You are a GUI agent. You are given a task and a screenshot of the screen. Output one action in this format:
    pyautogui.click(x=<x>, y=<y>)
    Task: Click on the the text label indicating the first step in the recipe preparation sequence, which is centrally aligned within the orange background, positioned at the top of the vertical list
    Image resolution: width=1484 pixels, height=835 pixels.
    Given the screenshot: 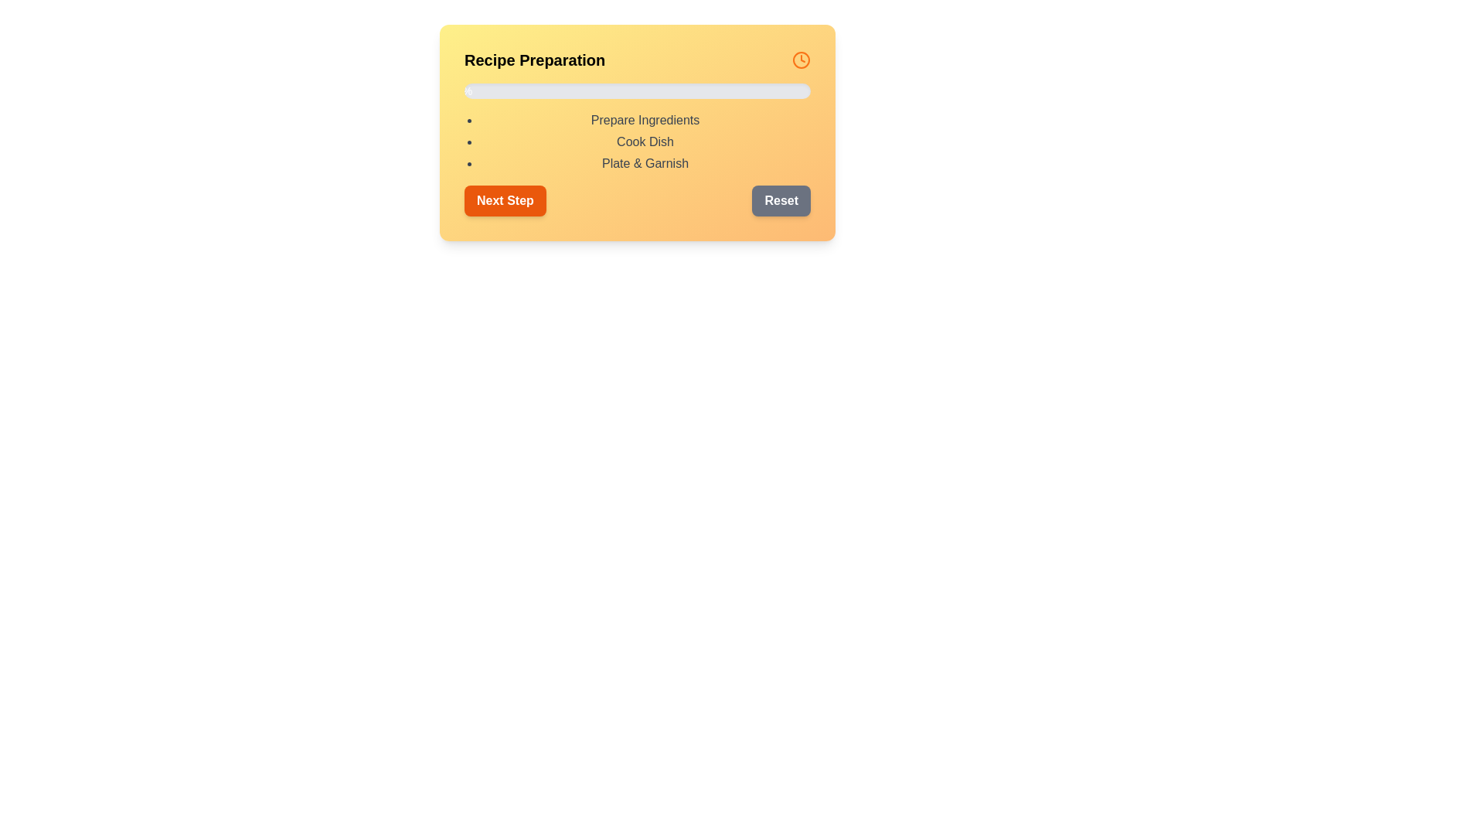 What is the action you would take?
    pyautogui.click(x=645, y=119)
    